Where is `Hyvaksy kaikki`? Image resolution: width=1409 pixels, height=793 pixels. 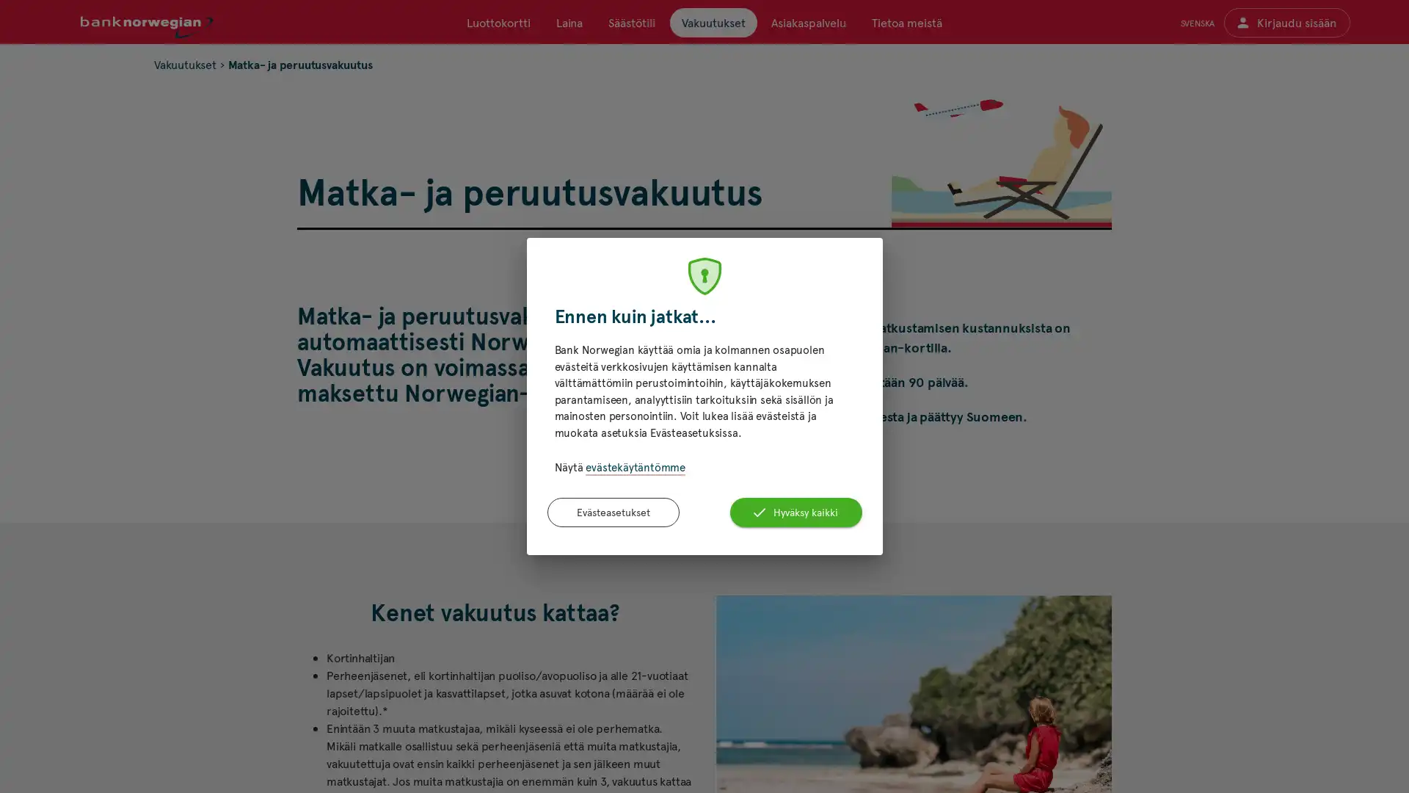 Hyvaksy kaikki is located at coordinates (795, 511).